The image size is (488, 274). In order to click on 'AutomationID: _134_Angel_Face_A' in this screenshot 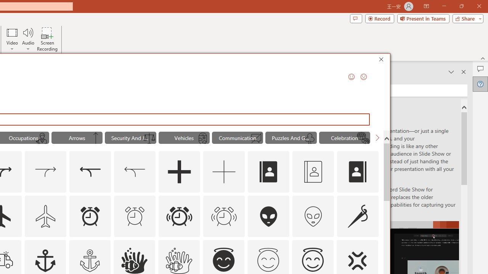, I will do `click(223, 259)`.